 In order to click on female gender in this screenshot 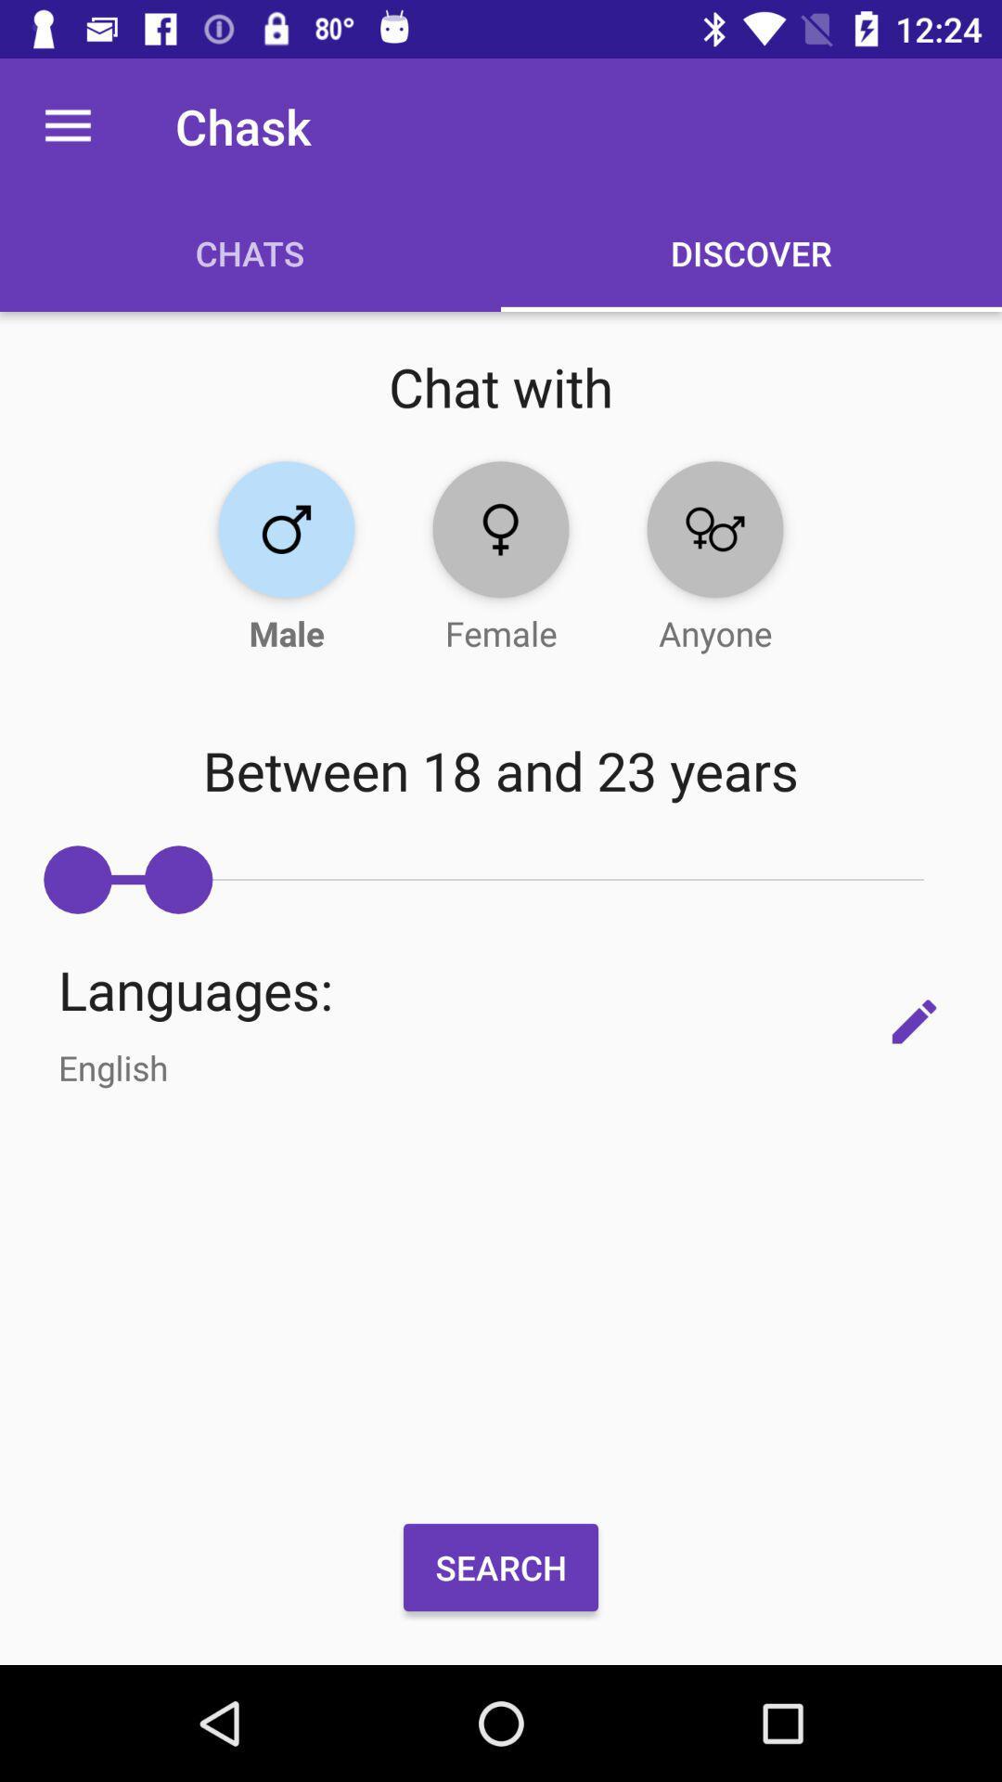, I will do `click(501, 528)`.